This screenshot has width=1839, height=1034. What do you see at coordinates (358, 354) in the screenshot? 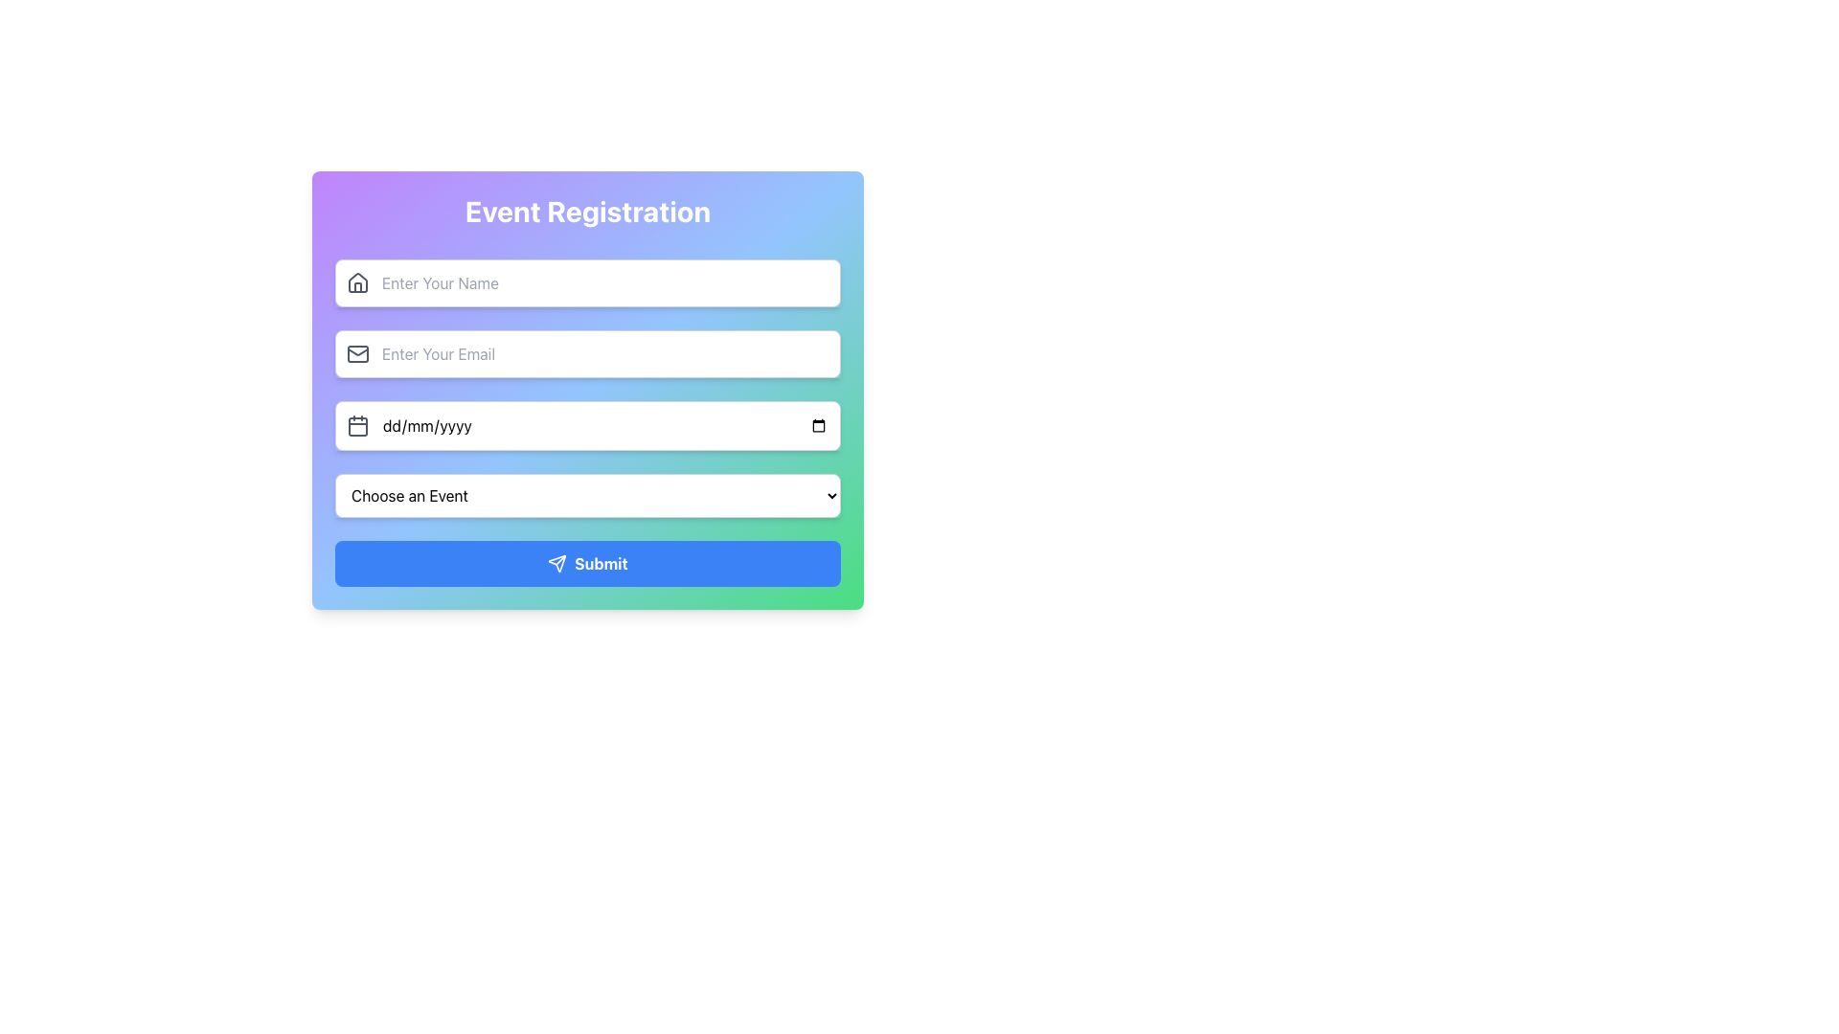
I see `the mail icon, which is a gray stylized envelope located to the left of the email input field with the placeholder 'Enter Your Email' in the second row of the form` at bounding box center [358, 354].